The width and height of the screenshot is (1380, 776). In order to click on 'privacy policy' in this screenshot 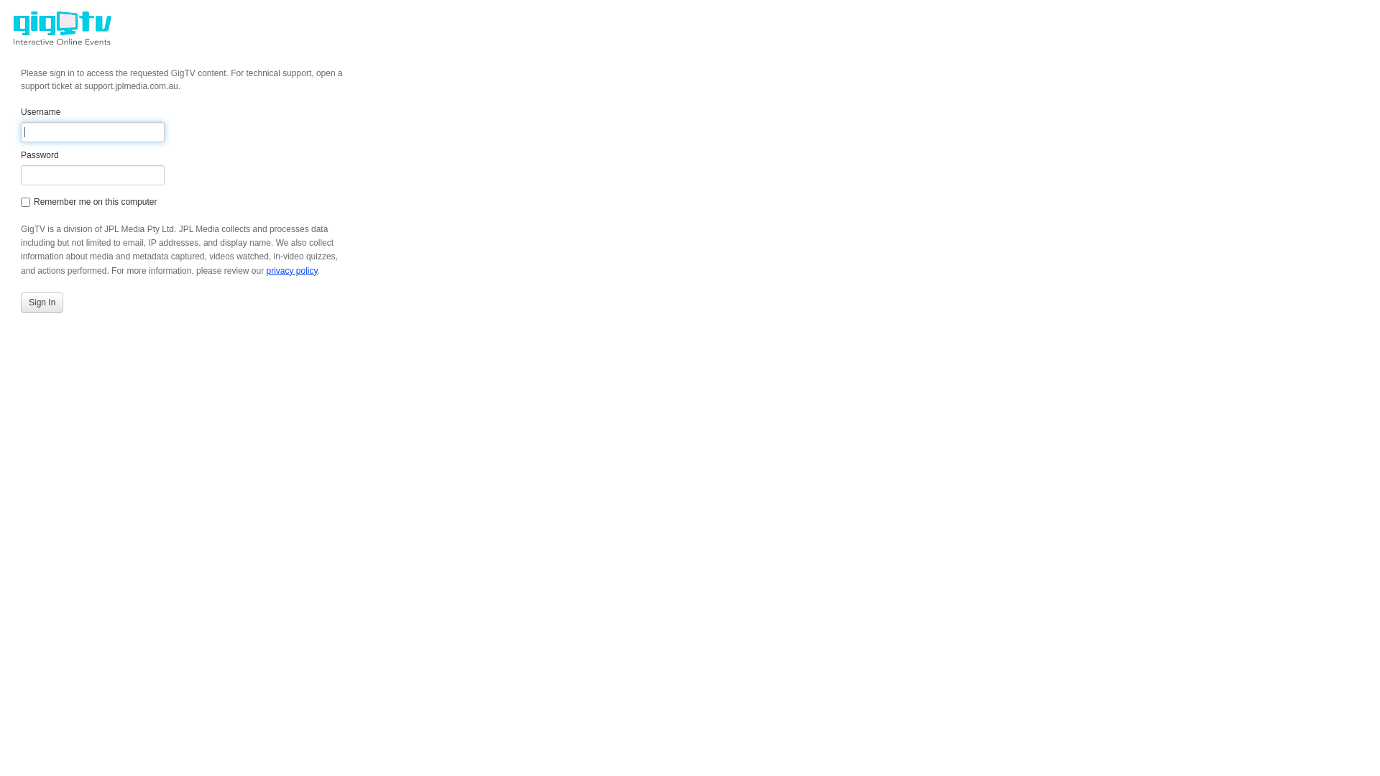, I will do `click(290, 271)`.